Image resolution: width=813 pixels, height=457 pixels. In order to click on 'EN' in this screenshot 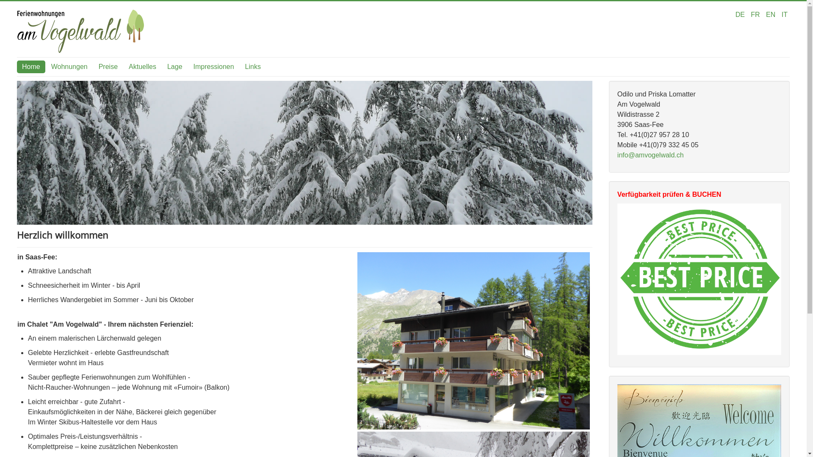, I will do `click(772, 14)`.